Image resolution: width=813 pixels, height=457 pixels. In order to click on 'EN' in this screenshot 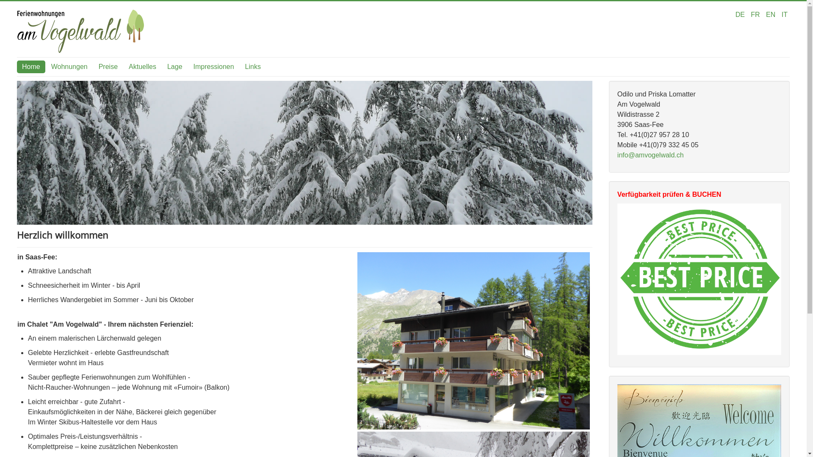, I will do `click(772, 14)`.